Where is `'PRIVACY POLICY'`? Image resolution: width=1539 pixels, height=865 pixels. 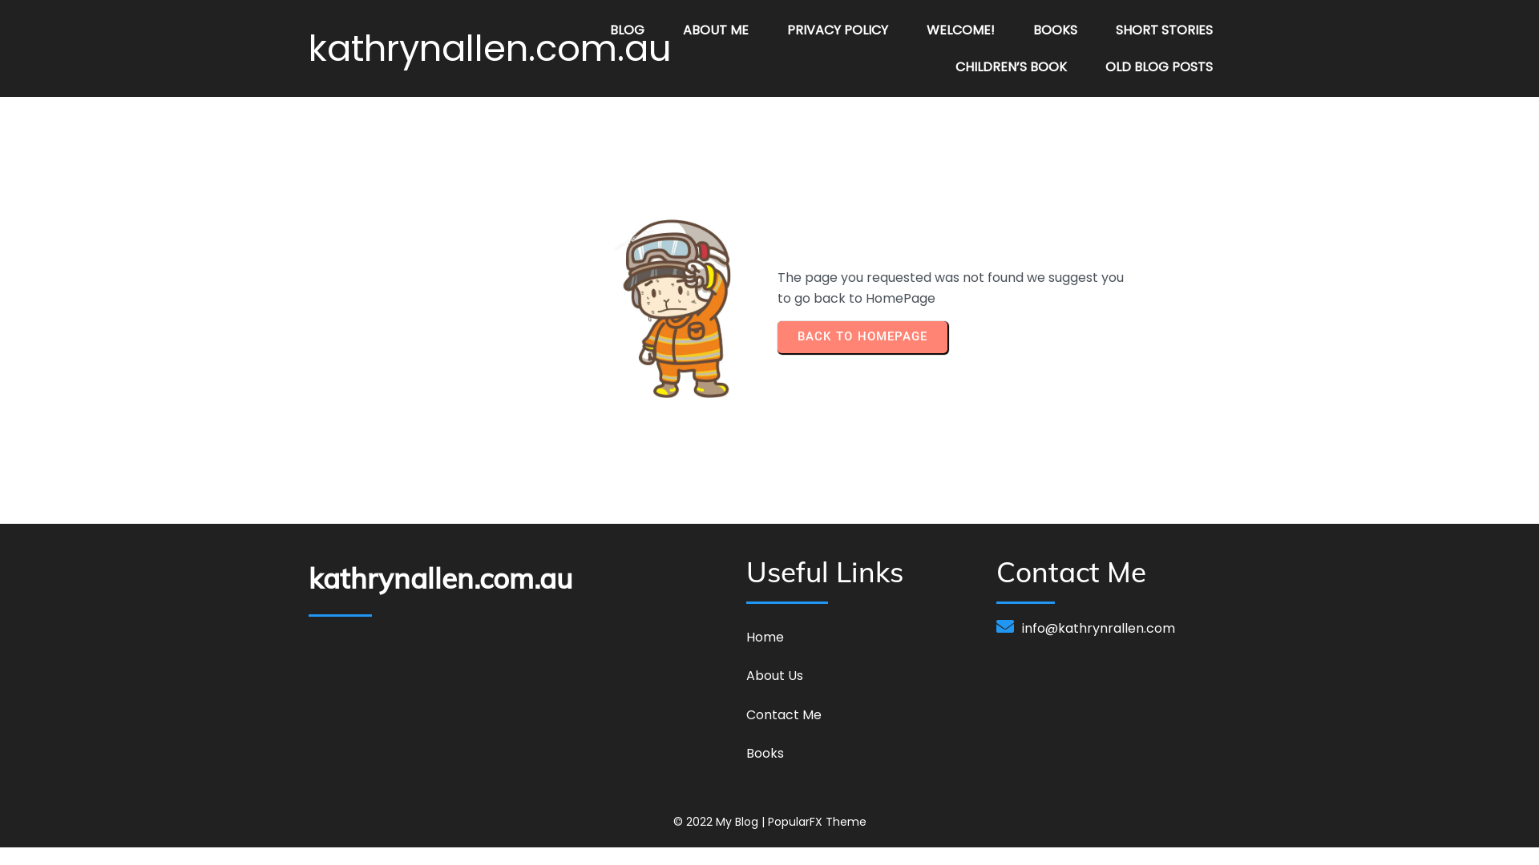
'PRIVACY POLICY' is located at coordinates (837, 30).